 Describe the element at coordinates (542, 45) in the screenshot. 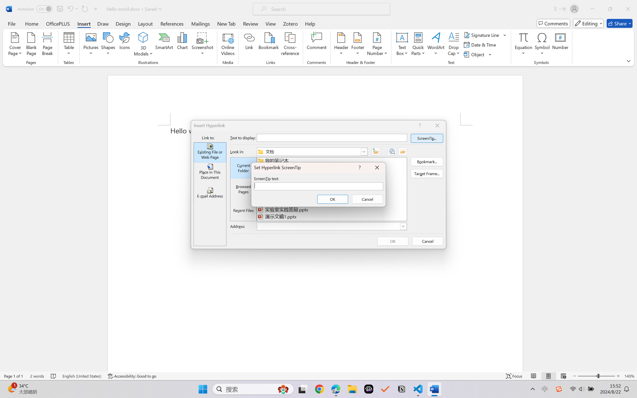

I see `'Symbol'` at that location.